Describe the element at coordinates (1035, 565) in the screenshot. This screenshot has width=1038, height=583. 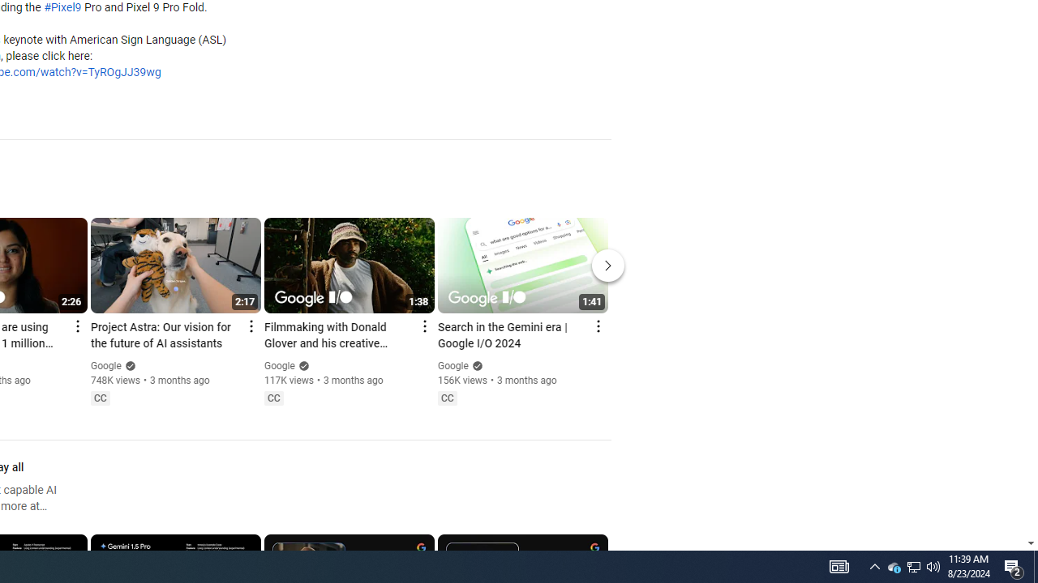
I see `'Action Center, 2 new notifications'` at that location.